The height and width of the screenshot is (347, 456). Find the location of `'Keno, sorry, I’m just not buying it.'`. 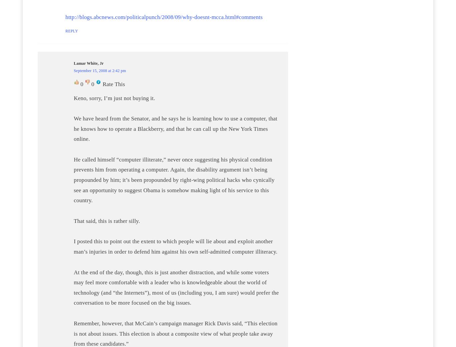

'Keno, sorry, I’m just not buying it.' is located at coordinates (114, 97).